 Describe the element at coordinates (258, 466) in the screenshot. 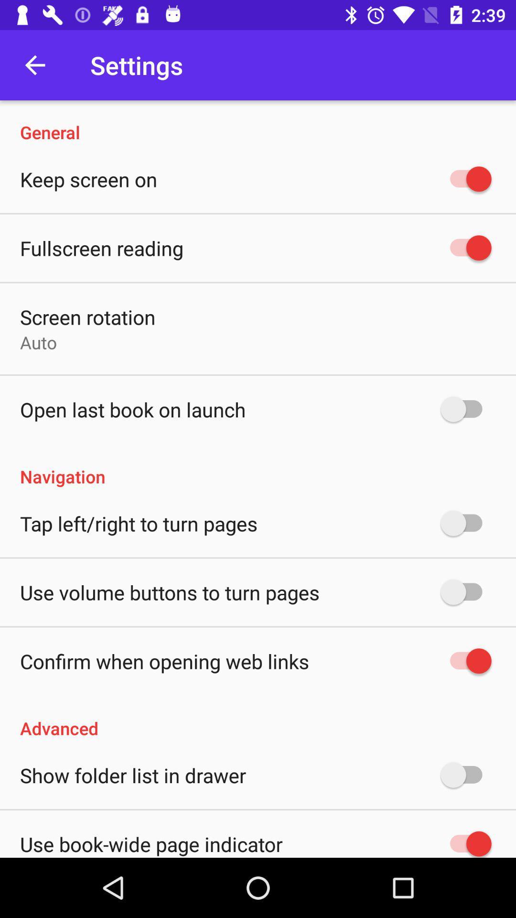

I see `the item at the center` at that location.